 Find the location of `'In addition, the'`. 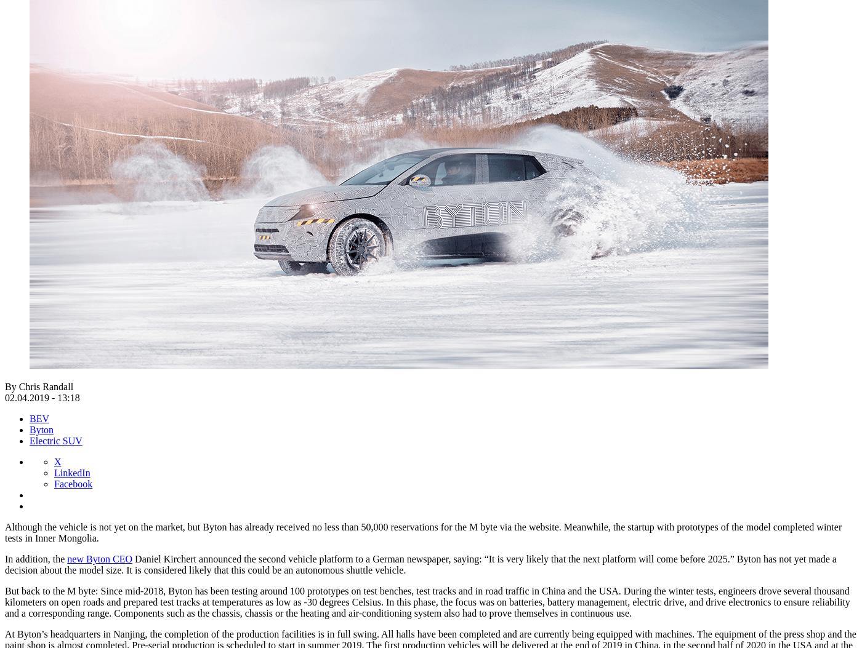

'In addition, the' is located at coordinates (35, 558).